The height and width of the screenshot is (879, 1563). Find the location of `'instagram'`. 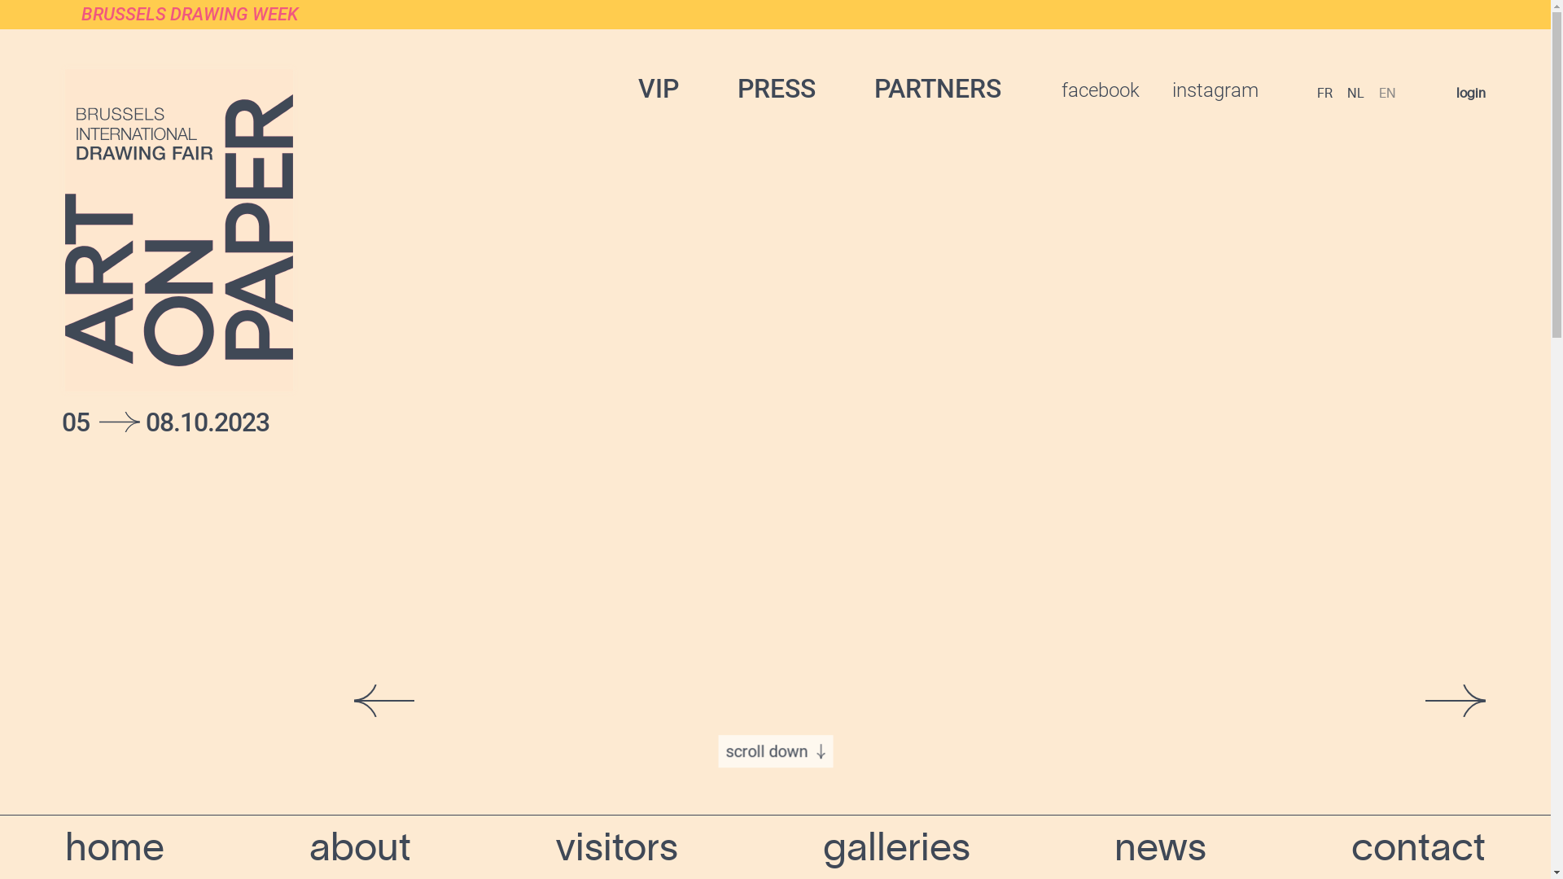

'instagram' is located at coordinates (1215, 90).